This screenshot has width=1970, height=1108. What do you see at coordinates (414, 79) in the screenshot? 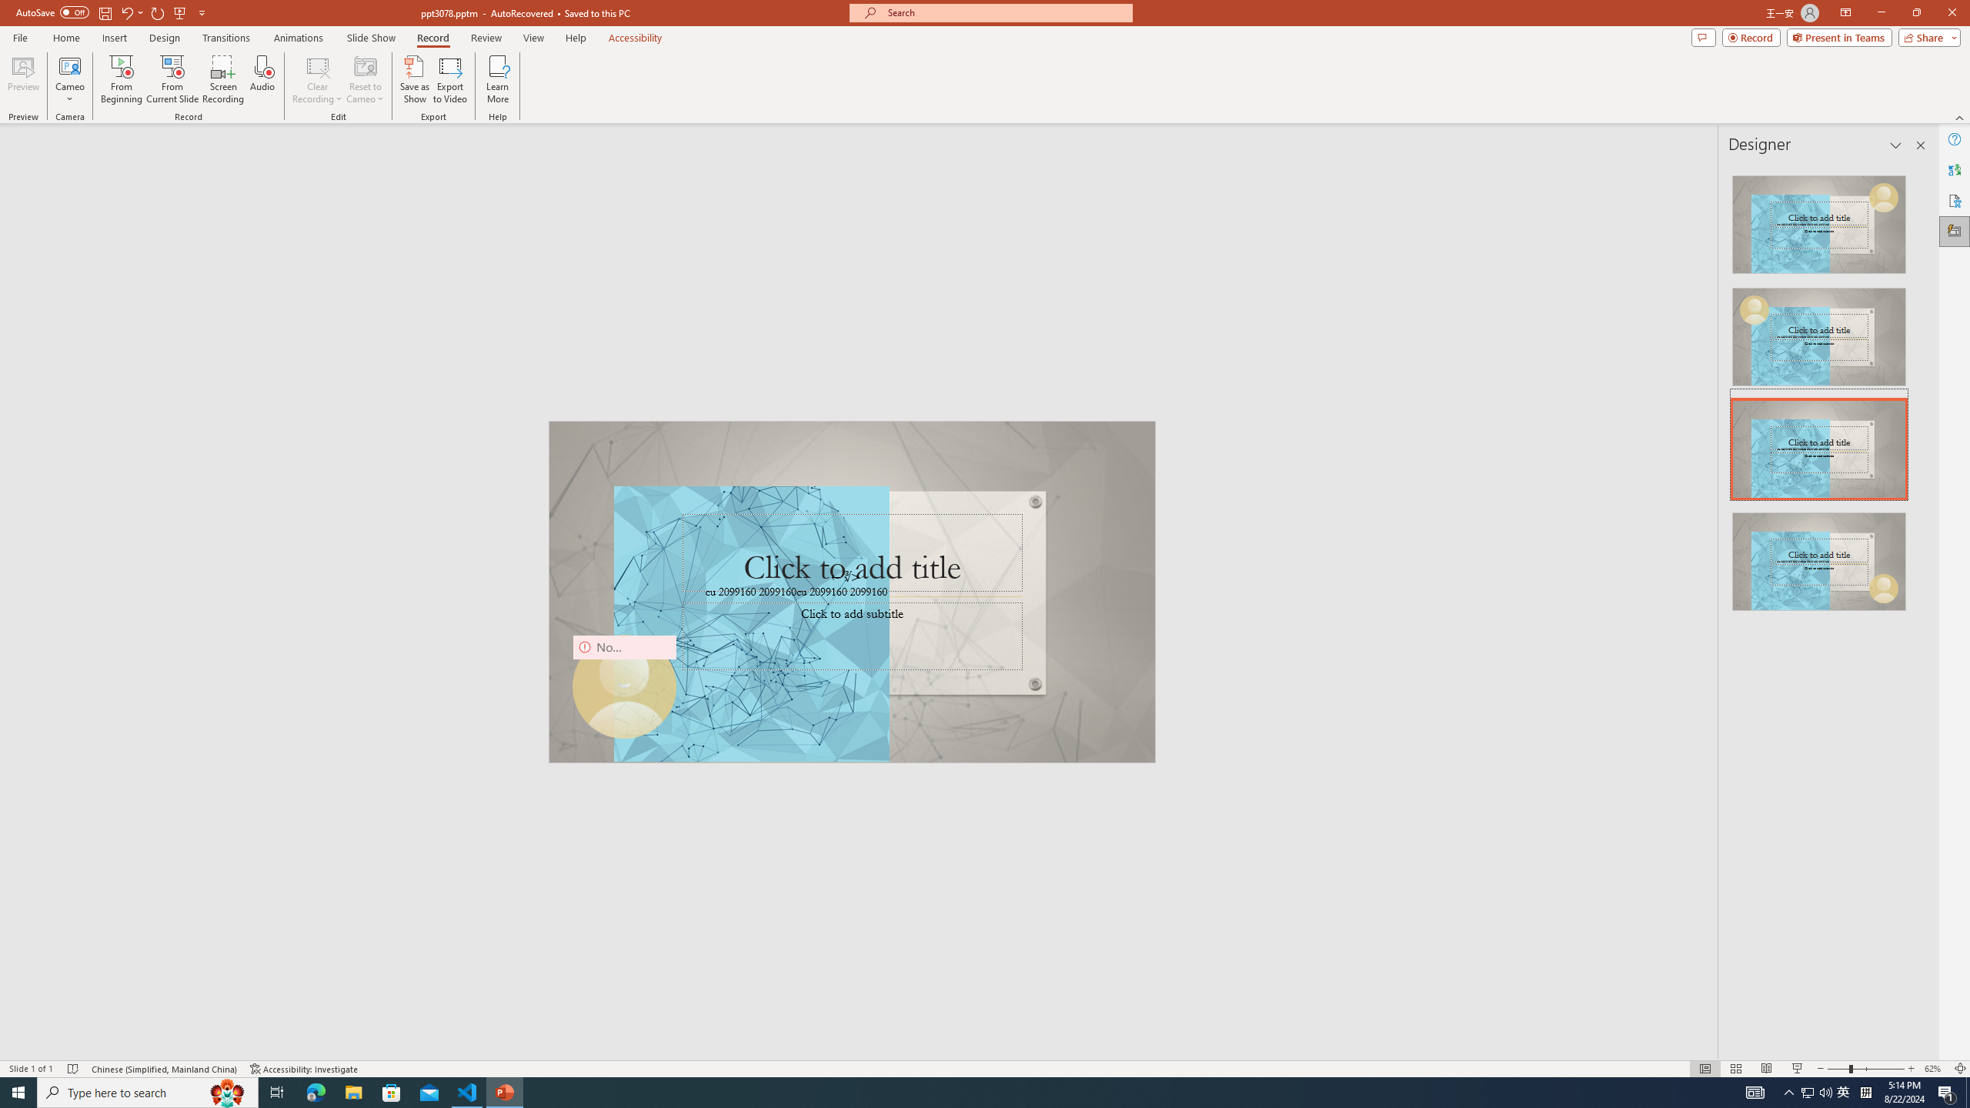
I see `'Save as Show'` at bounding box center [414, 79].